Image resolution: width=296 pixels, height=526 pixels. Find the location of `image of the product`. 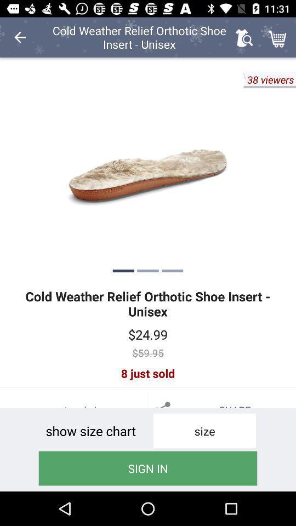

image of the product is located at coordinates (148, 169).